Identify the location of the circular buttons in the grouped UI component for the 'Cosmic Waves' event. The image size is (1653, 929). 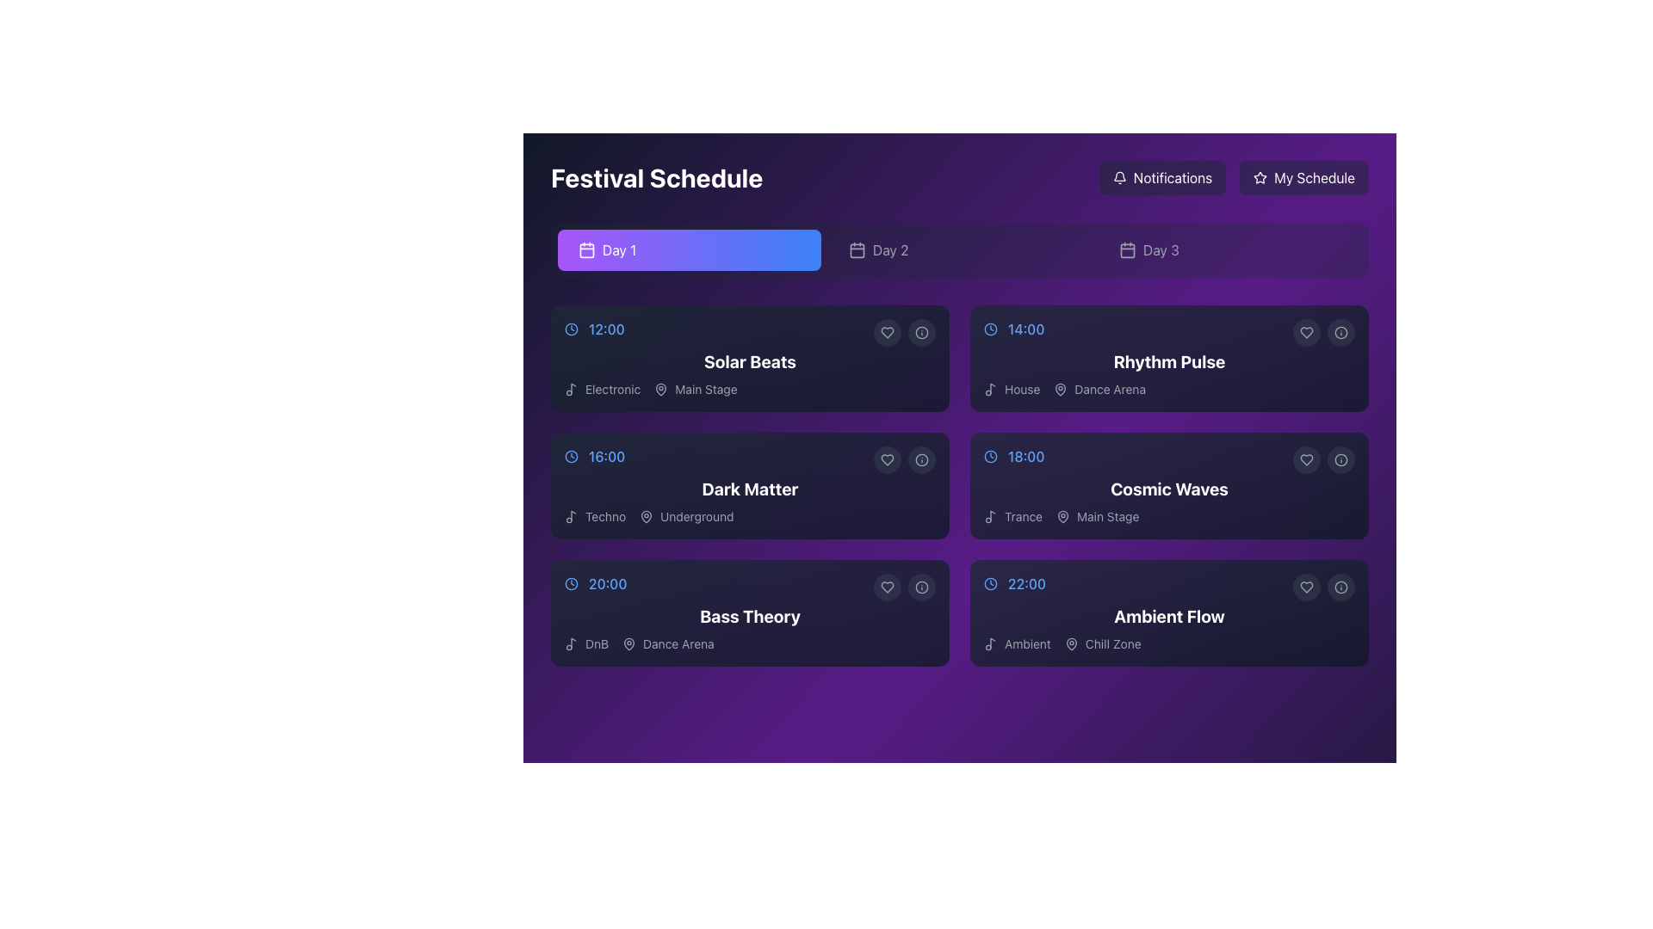
(1322, 459).